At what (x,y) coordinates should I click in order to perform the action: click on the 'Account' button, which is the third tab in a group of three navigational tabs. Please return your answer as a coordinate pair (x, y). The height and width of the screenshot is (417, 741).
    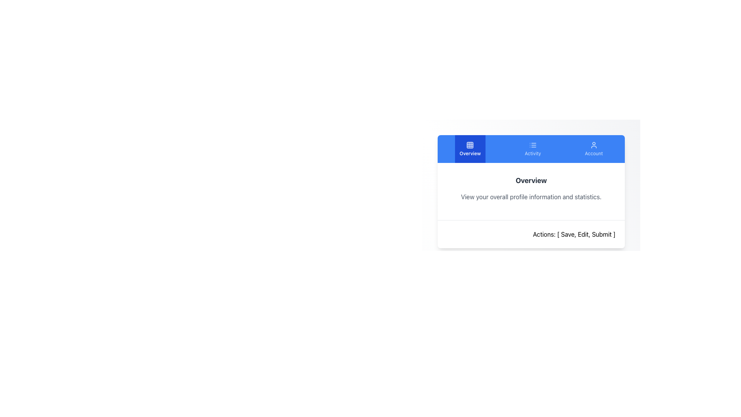
    Looking at the image, I should click on (593, 149).